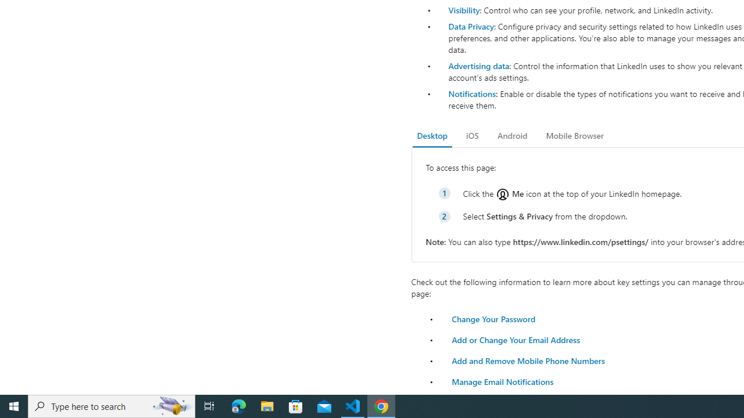 The width and height of the screenshot is (744, 418). Describe the element at coordinates (471, 26) in the screenshot. I see `'Data Privacy'` at that location.